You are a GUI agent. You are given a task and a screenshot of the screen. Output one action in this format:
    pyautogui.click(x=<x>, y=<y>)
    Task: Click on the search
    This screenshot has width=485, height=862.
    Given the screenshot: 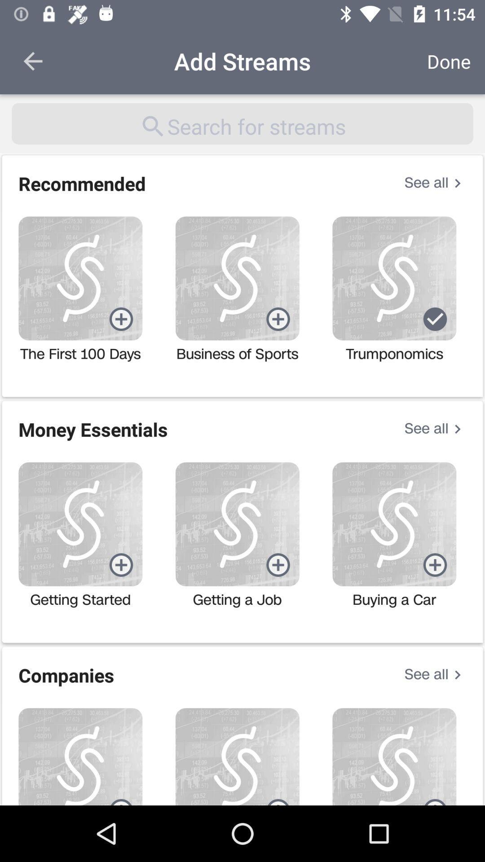 What is the action you would take?
    pyautogui.click(x=242, y=123)
    